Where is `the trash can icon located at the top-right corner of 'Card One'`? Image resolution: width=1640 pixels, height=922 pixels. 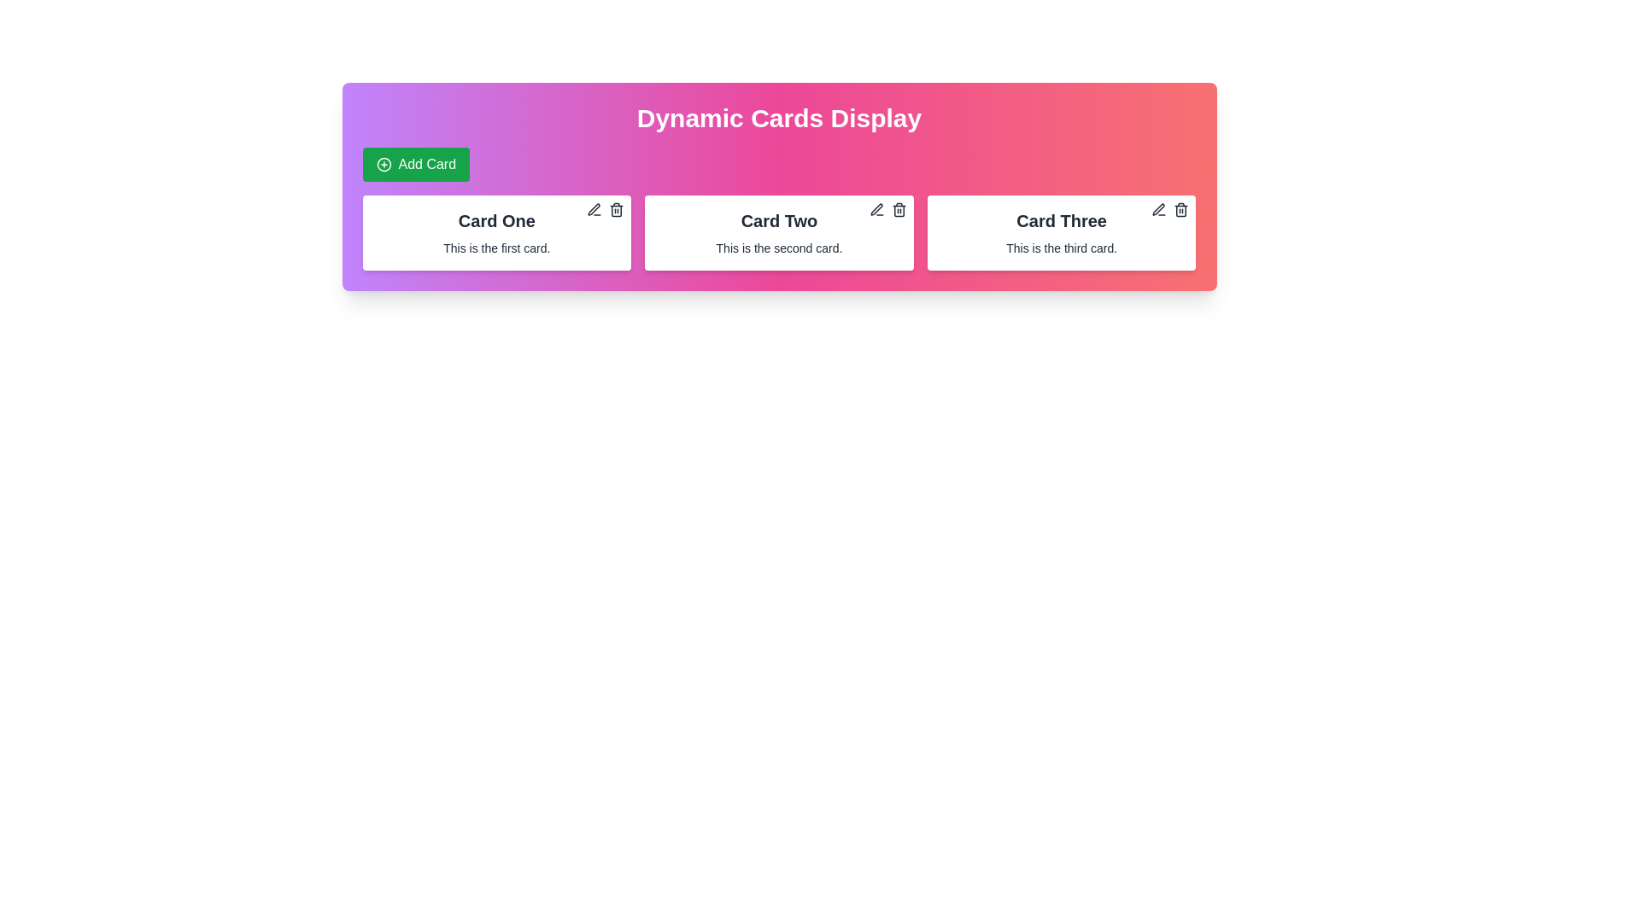 the trash can icon located at the top-right corner of 'Card One' is located at coordinates (616, 209).